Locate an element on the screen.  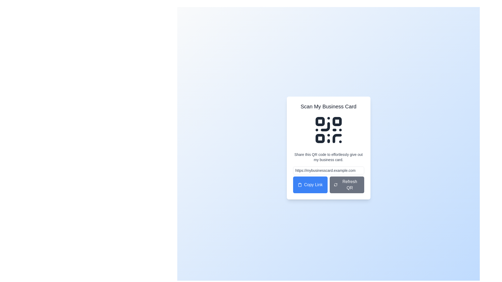
the refresh icon located within the 'Refresh QR' button at the bottom right of the card, which visually indicates the refresh functionality is located at coordinates (335, 185).